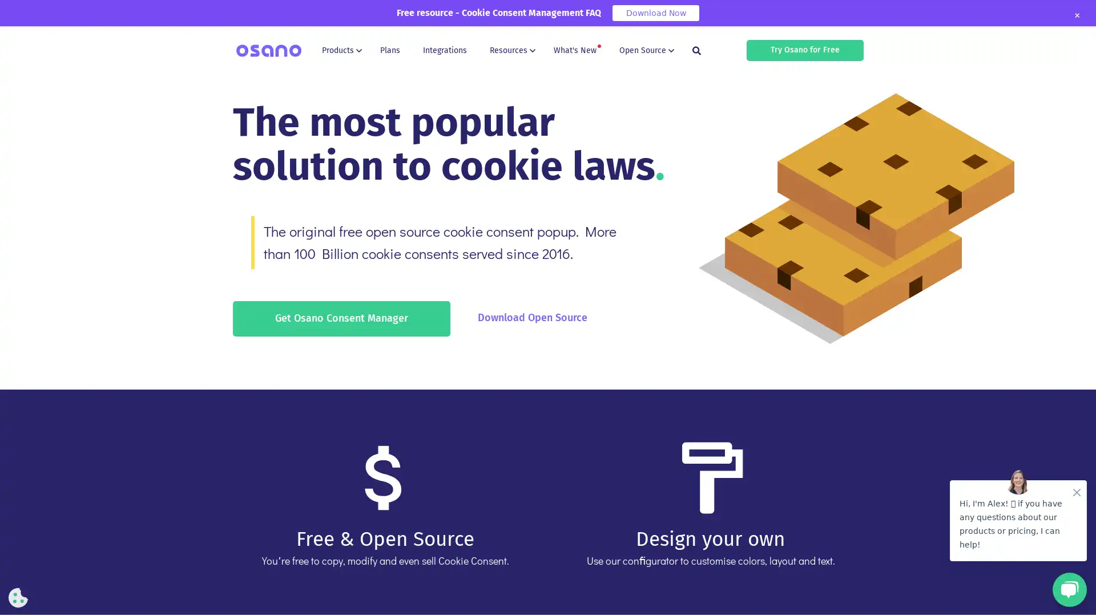 The image size is (1096, 616). What do you see at coordinates (1076, 15) in the screenshot?
I see `Close` at bounding box center [1076, 15].